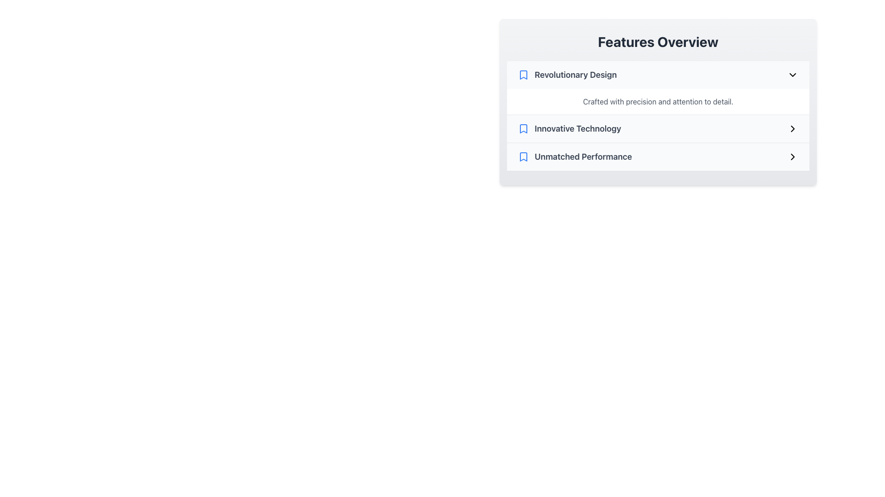 The height and width of the screenshot is (497, 885). Describe the element at coordinates (792, 156) in the screenshot. I see `the chevron icon located to the far right of the 'Unmatched Performance' text in the Feature Overview interface` at that location.